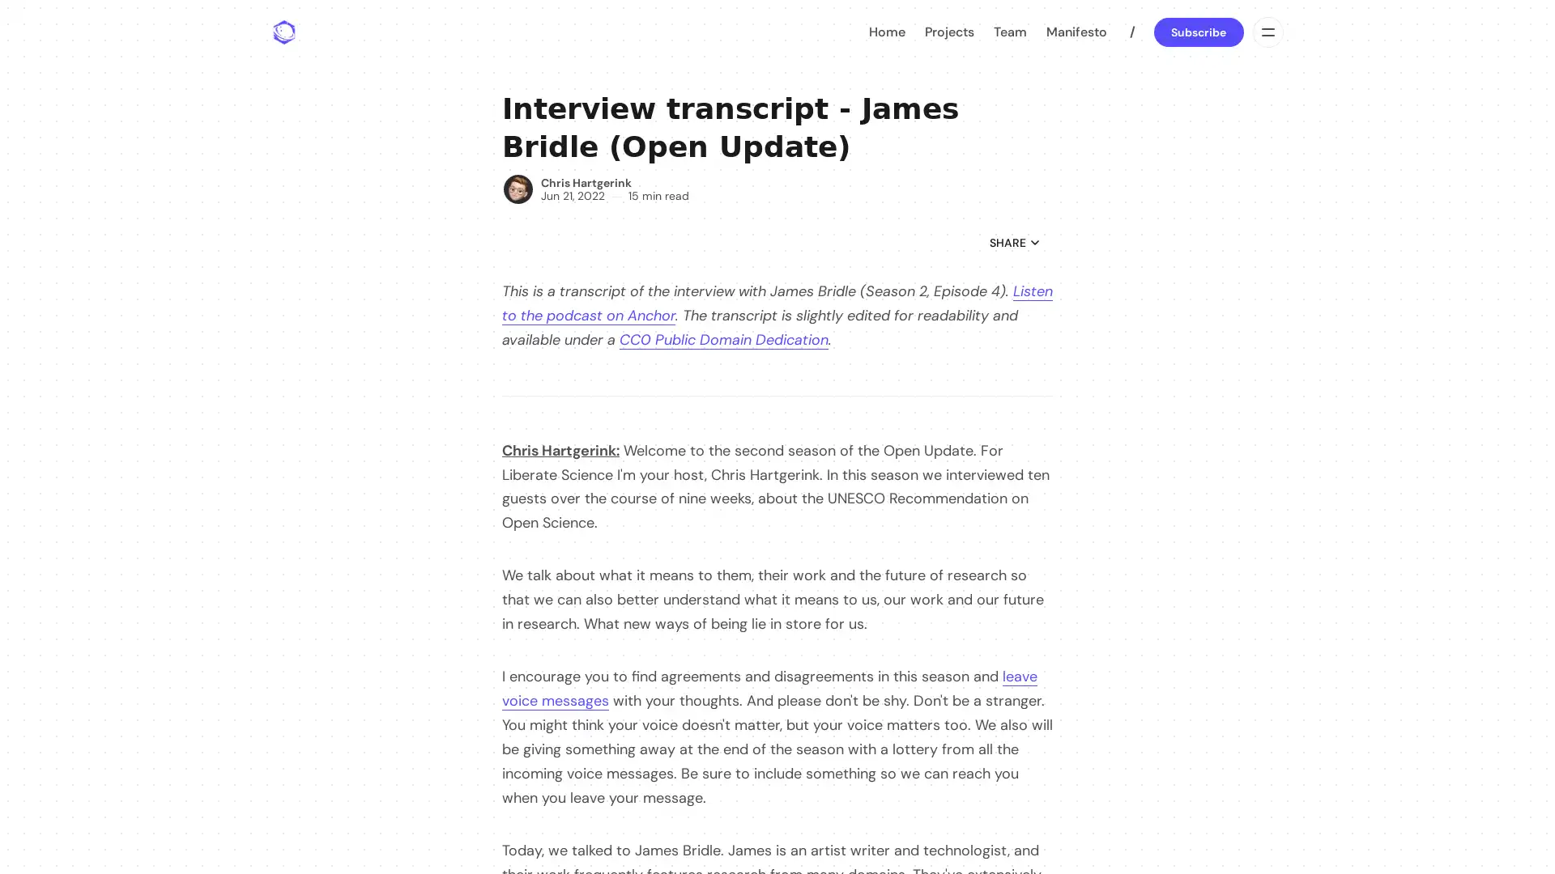 The image size is (1555, 874). I want to click on Menu, so click(1266, 32).